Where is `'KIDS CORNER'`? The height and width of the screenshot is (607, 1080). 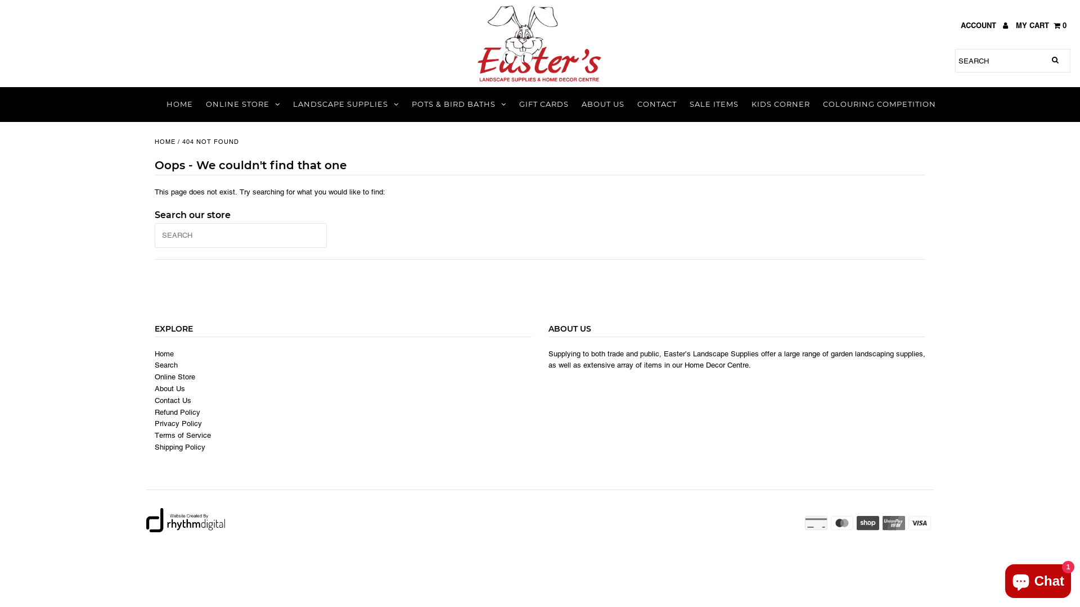
'KIDS CORNER' is located at coordinates (745, 104).